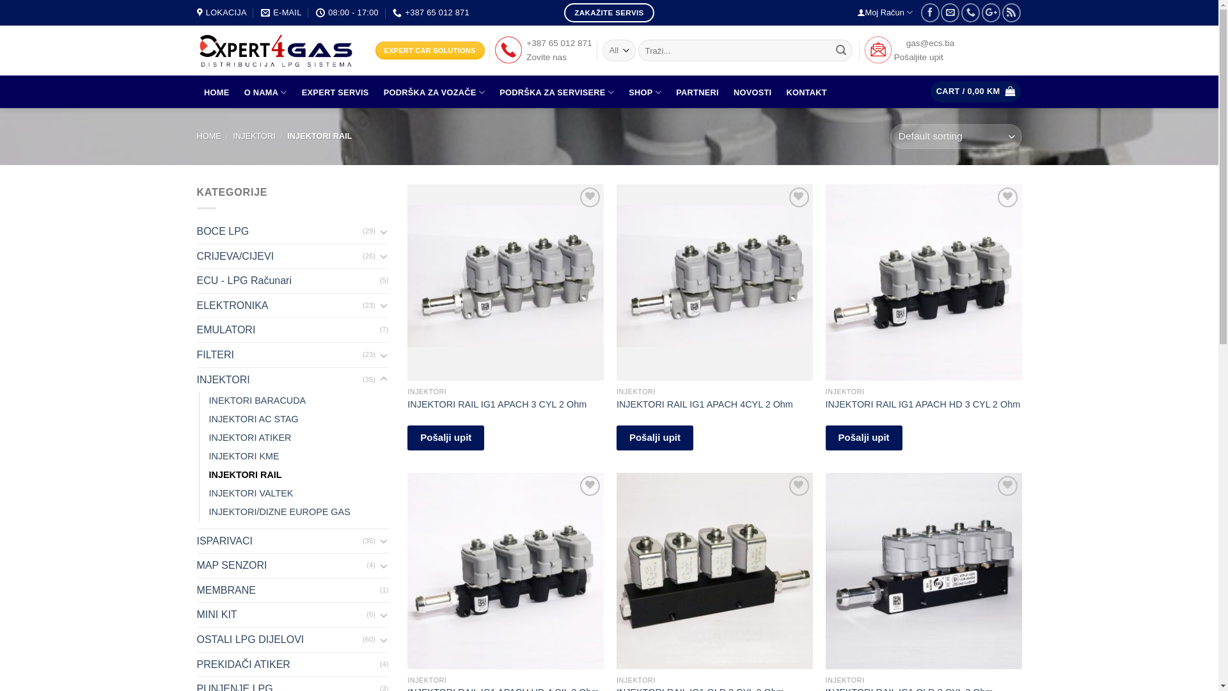 Image resolution: width=1228 pixels, height=691 pixels. I want to click on 'INJEKTORI VALTEK', so click(251, 493).